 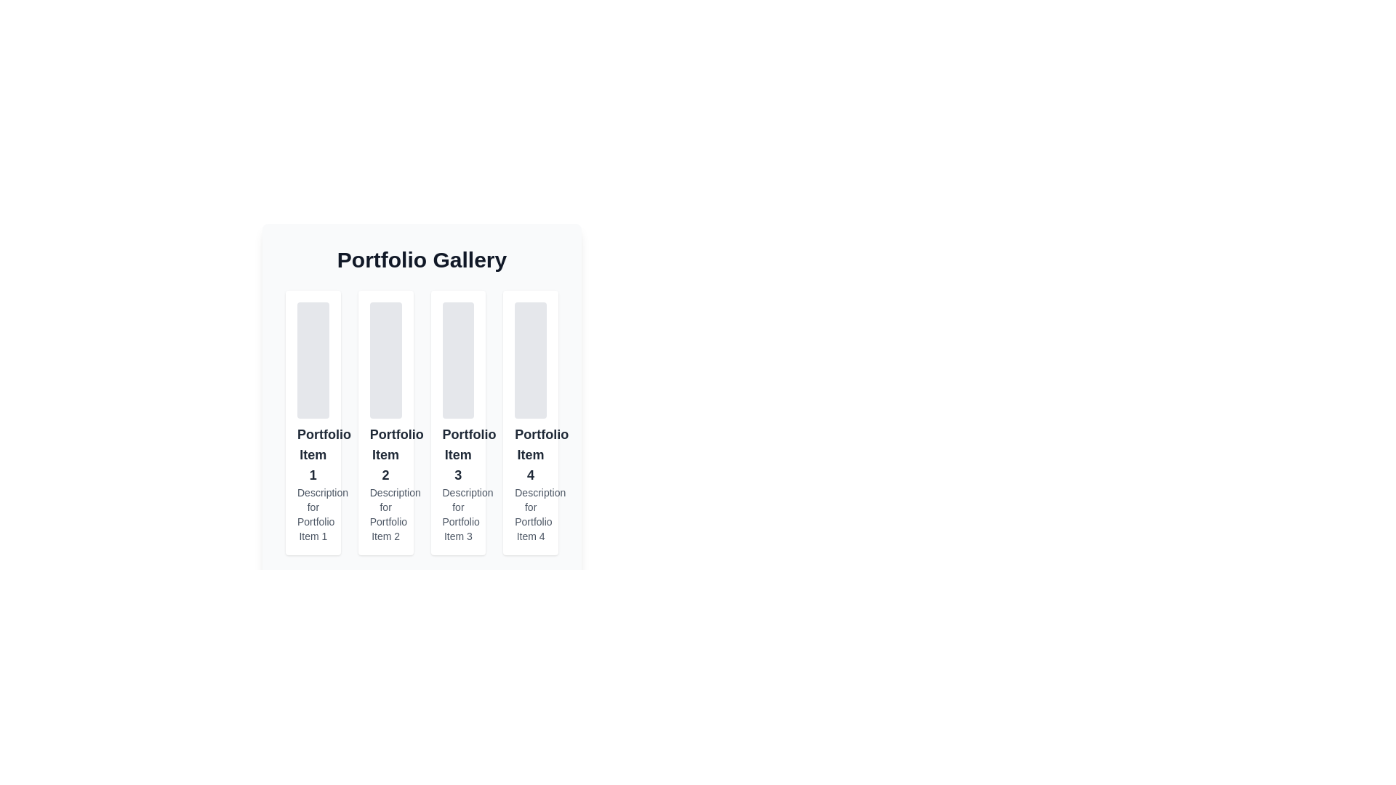 What do you see at coordinates (530, 514) in the screenshot?
I see `the text element that displays 'Description for Portfolio Item 4', which is styled in a smaller gray font and located in the fourth column of the 'Portfolio Gallery' layout, beneath the 'Portfolio Item 4' heading` at bounding box center [530, 514].